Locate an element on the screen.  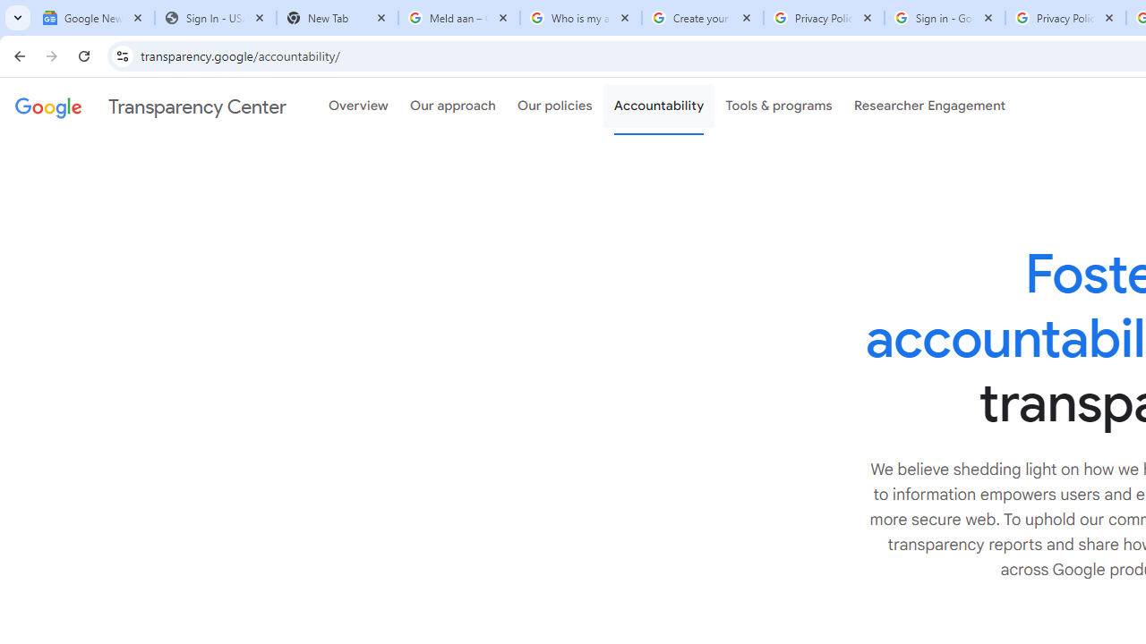
'Who is my administrator? - Google Account Help' is located at coordinates (580, 18).